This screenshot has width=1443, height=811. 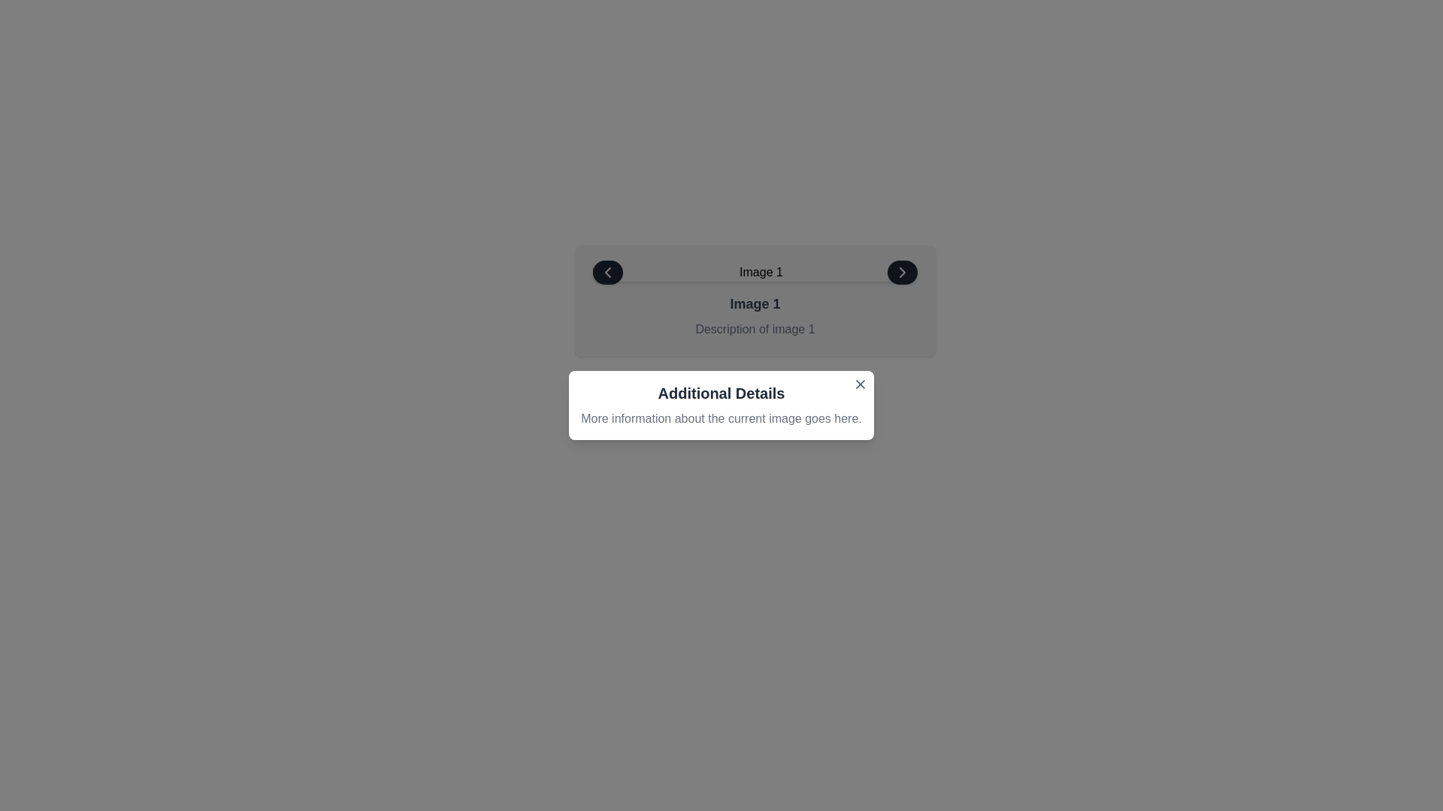 I want to click on the navigation arrow icon located on the right side of the top bar, so click(x=902, y=272).